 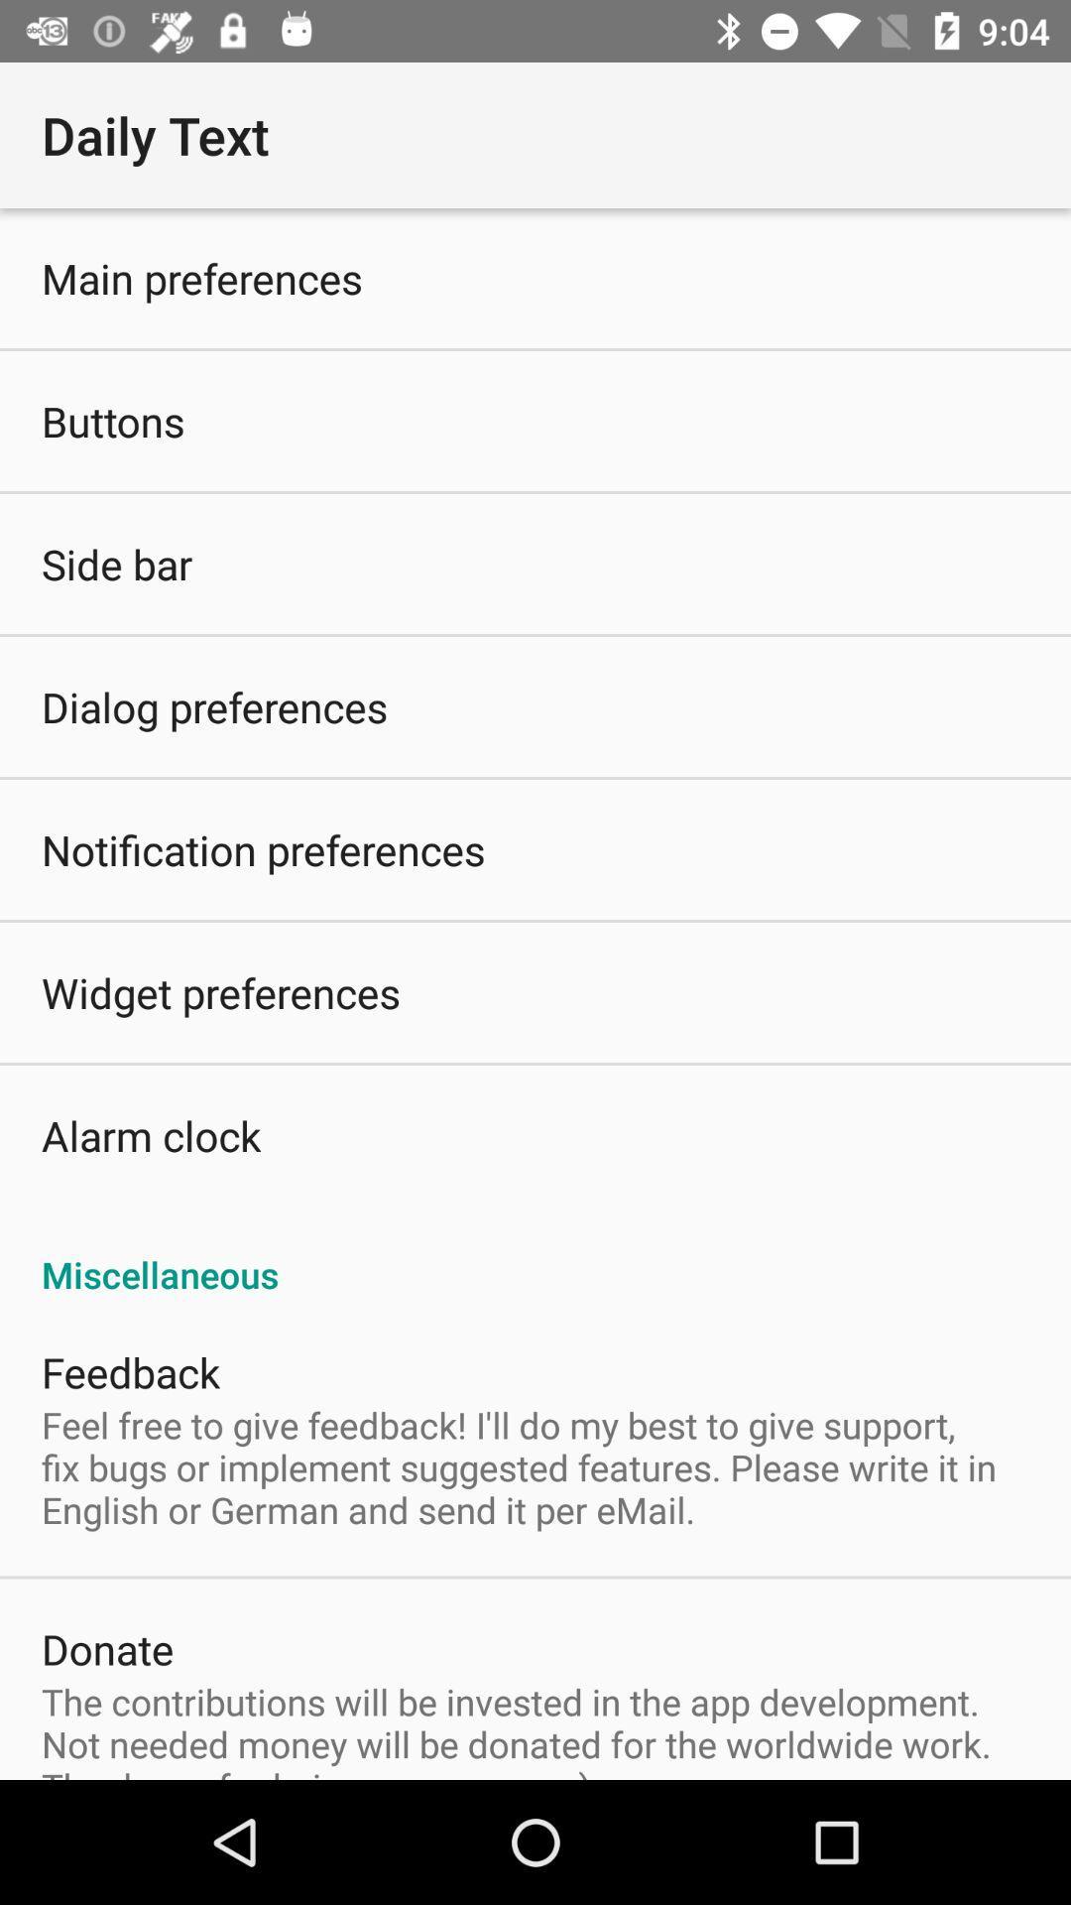 I want to click on miscellaneous, so click(x=535, y=1252).